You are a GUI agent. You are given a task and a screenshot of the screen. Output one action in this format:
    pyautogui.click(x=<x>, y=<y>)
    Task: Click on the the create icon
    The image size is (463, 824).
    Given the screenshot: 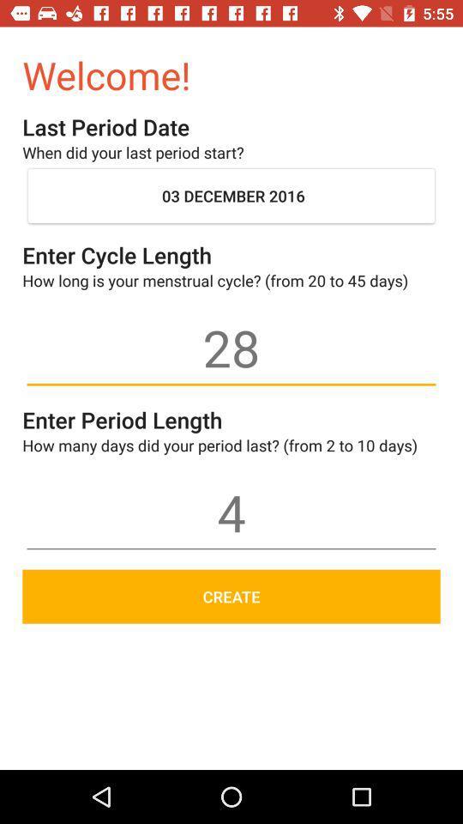 What is the action you would take?
    pyautogui.click(x=231, y=597)
    